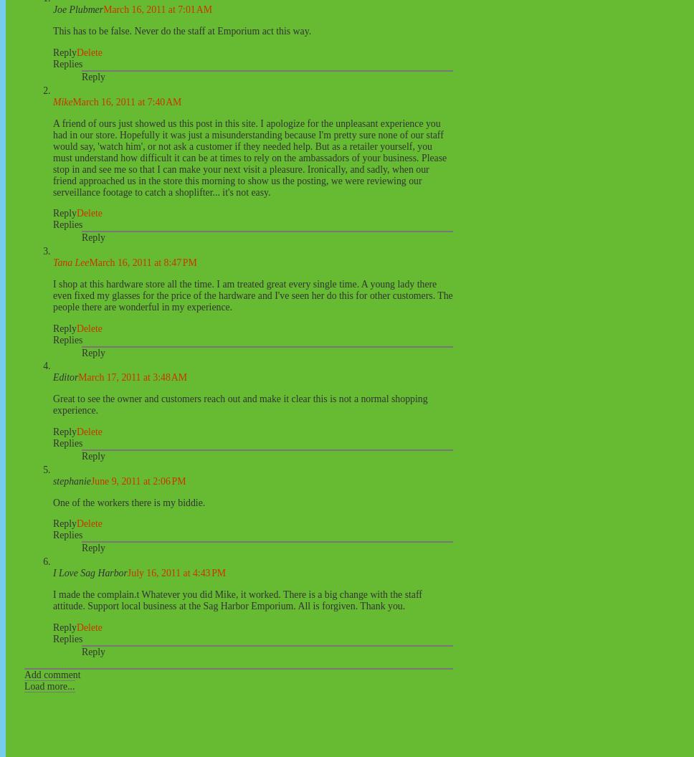  What do you see at coordinates (182, 31) in the screenshot?
I see `'This has to be false. Never do the staff at Emporium act this way.'` at bounding box center [182, 31].